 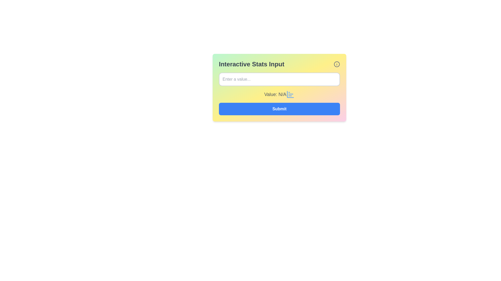 I want to click on the data display component labeled 'Value:', so click(x=279, y=94).